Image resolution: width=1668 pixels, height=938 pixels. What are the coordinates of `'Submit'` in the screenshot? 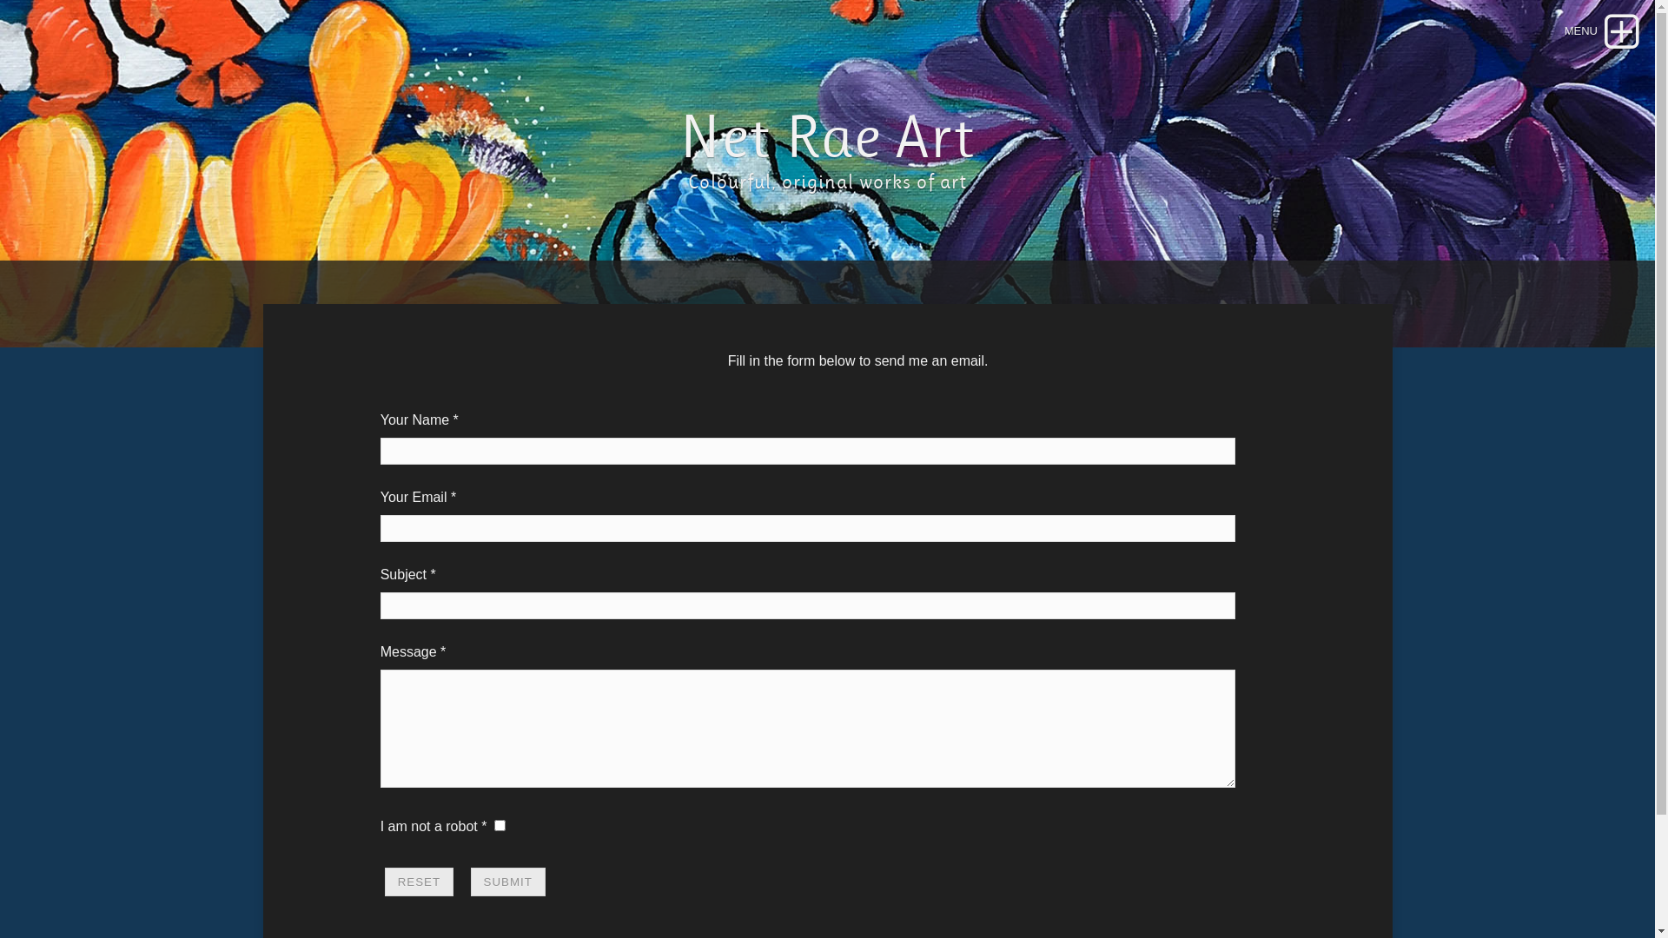 It's located at (471, 882).